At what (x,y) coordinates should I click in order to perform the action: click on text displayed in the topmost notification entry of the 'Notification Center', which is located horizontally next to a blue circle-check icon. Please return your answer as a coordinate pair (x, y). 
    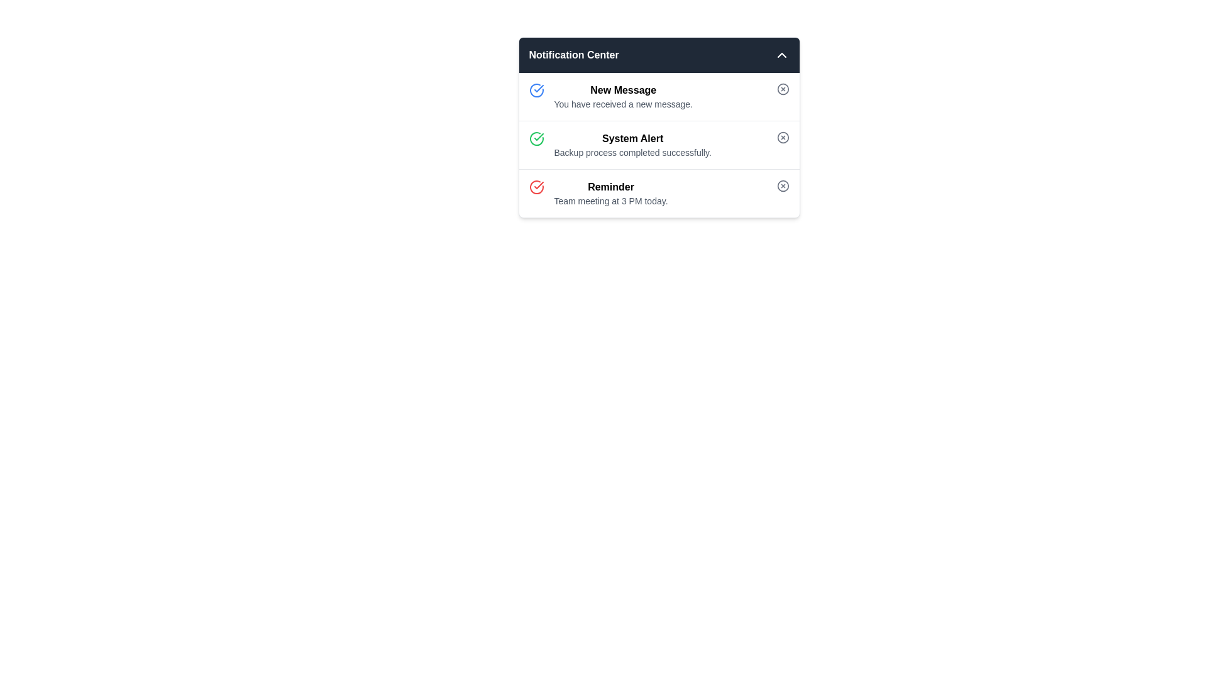
    Looking at the image, I should click on (623, 96).